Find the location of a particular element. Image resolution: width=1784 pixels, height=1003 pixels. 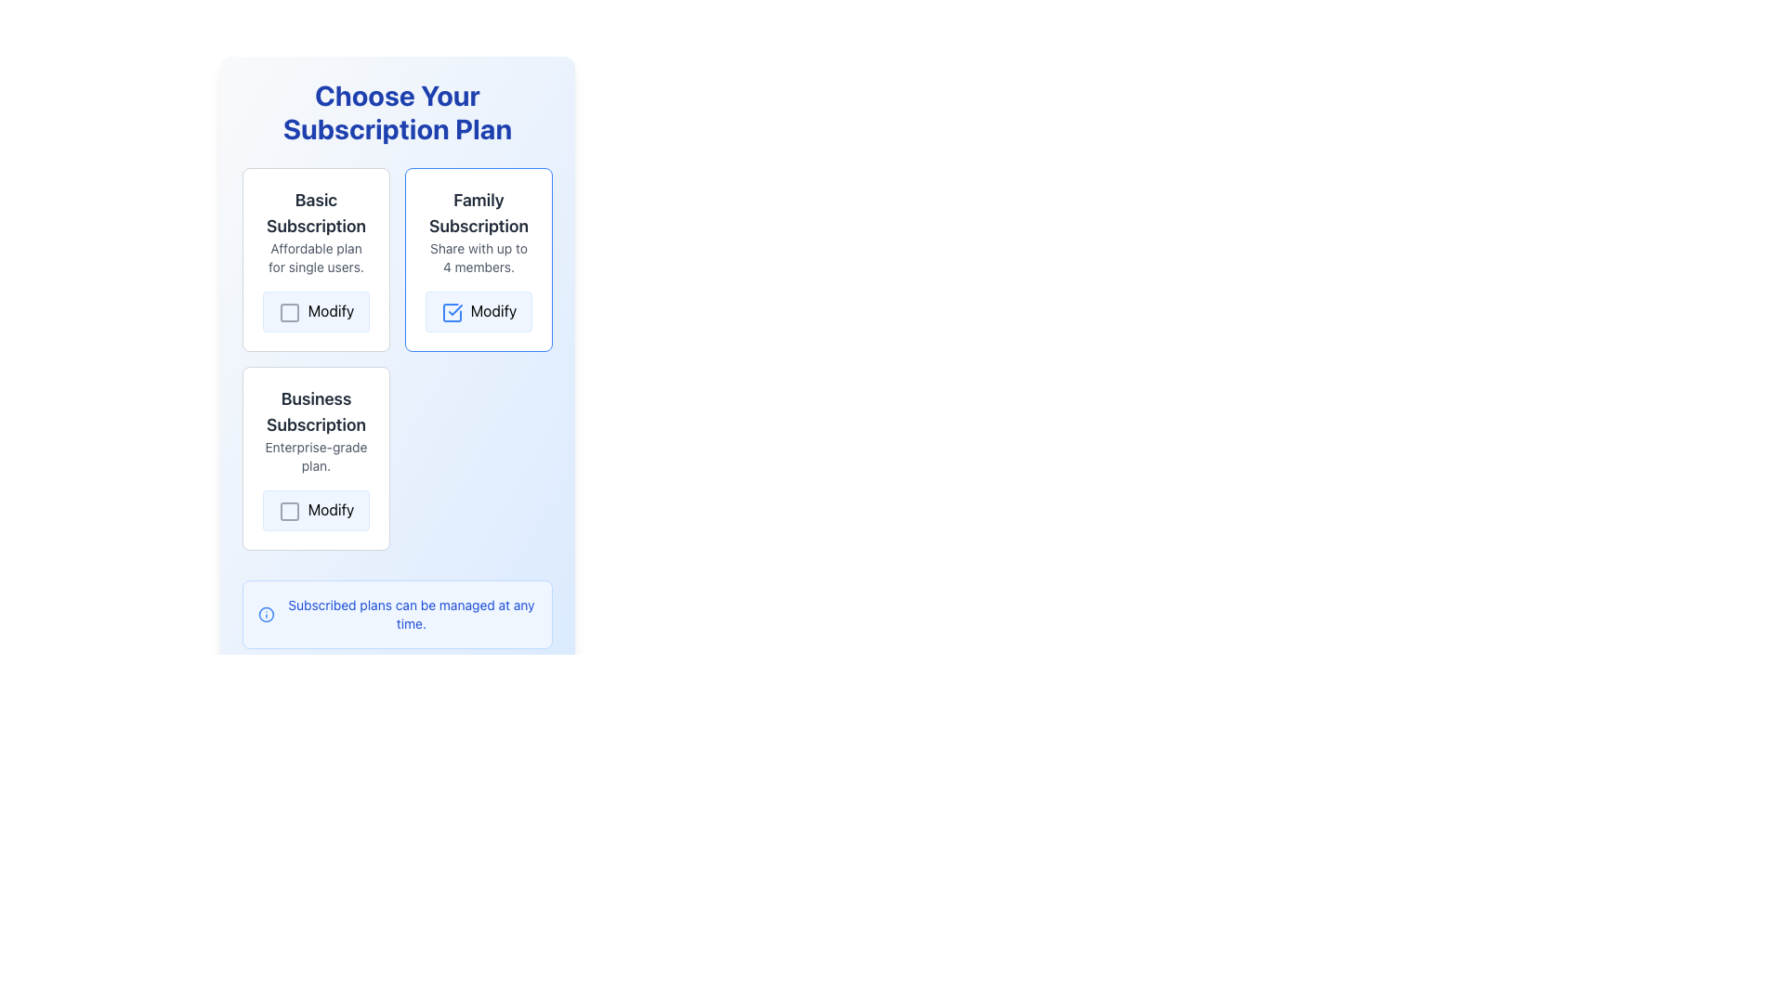

the 'Modify' button located within the 'Basic Subscription' card is located at coordinates (316, 310).